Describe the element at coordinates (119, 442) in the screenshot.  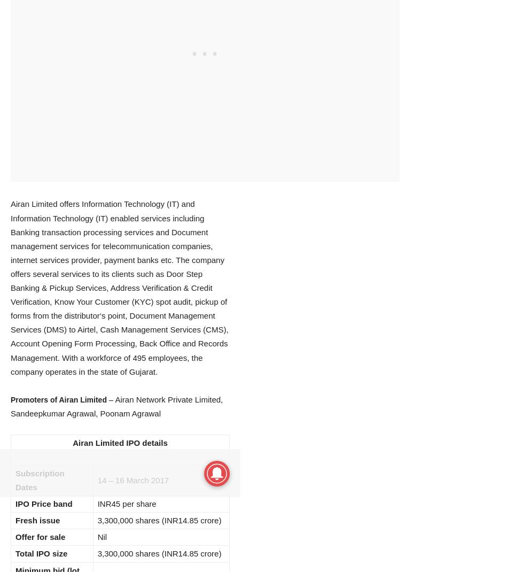
I see `'Airan Limited IPO details'` at that location.